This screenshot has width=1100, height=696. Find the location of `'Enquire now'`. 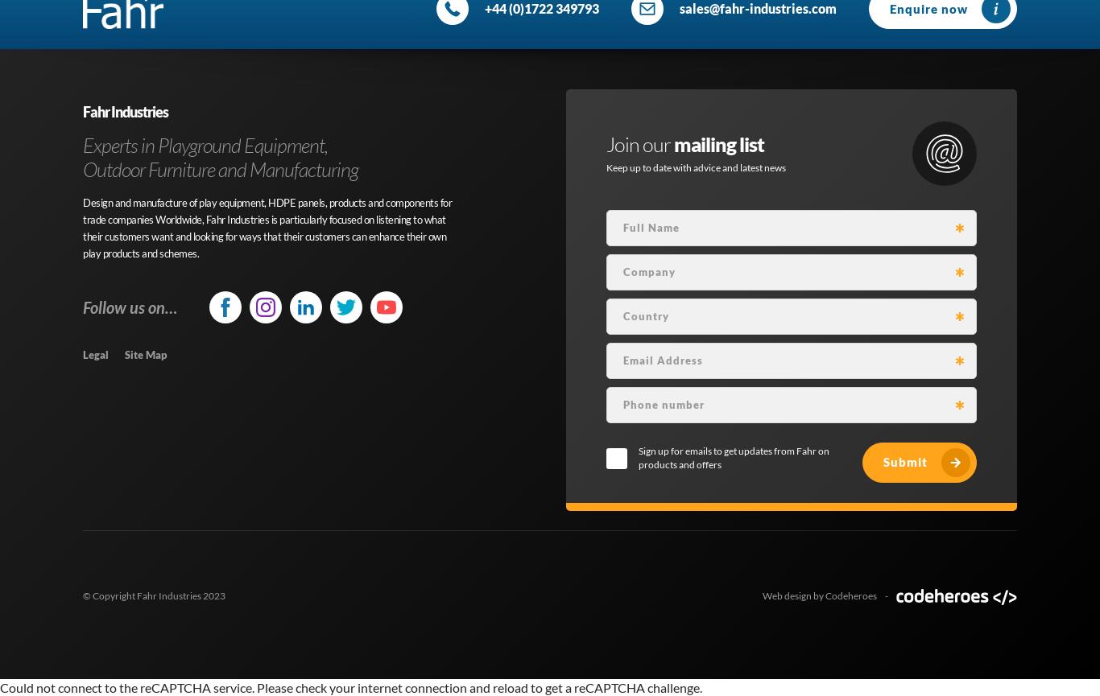

'Enquire now' is located at coordinates (928, 8).